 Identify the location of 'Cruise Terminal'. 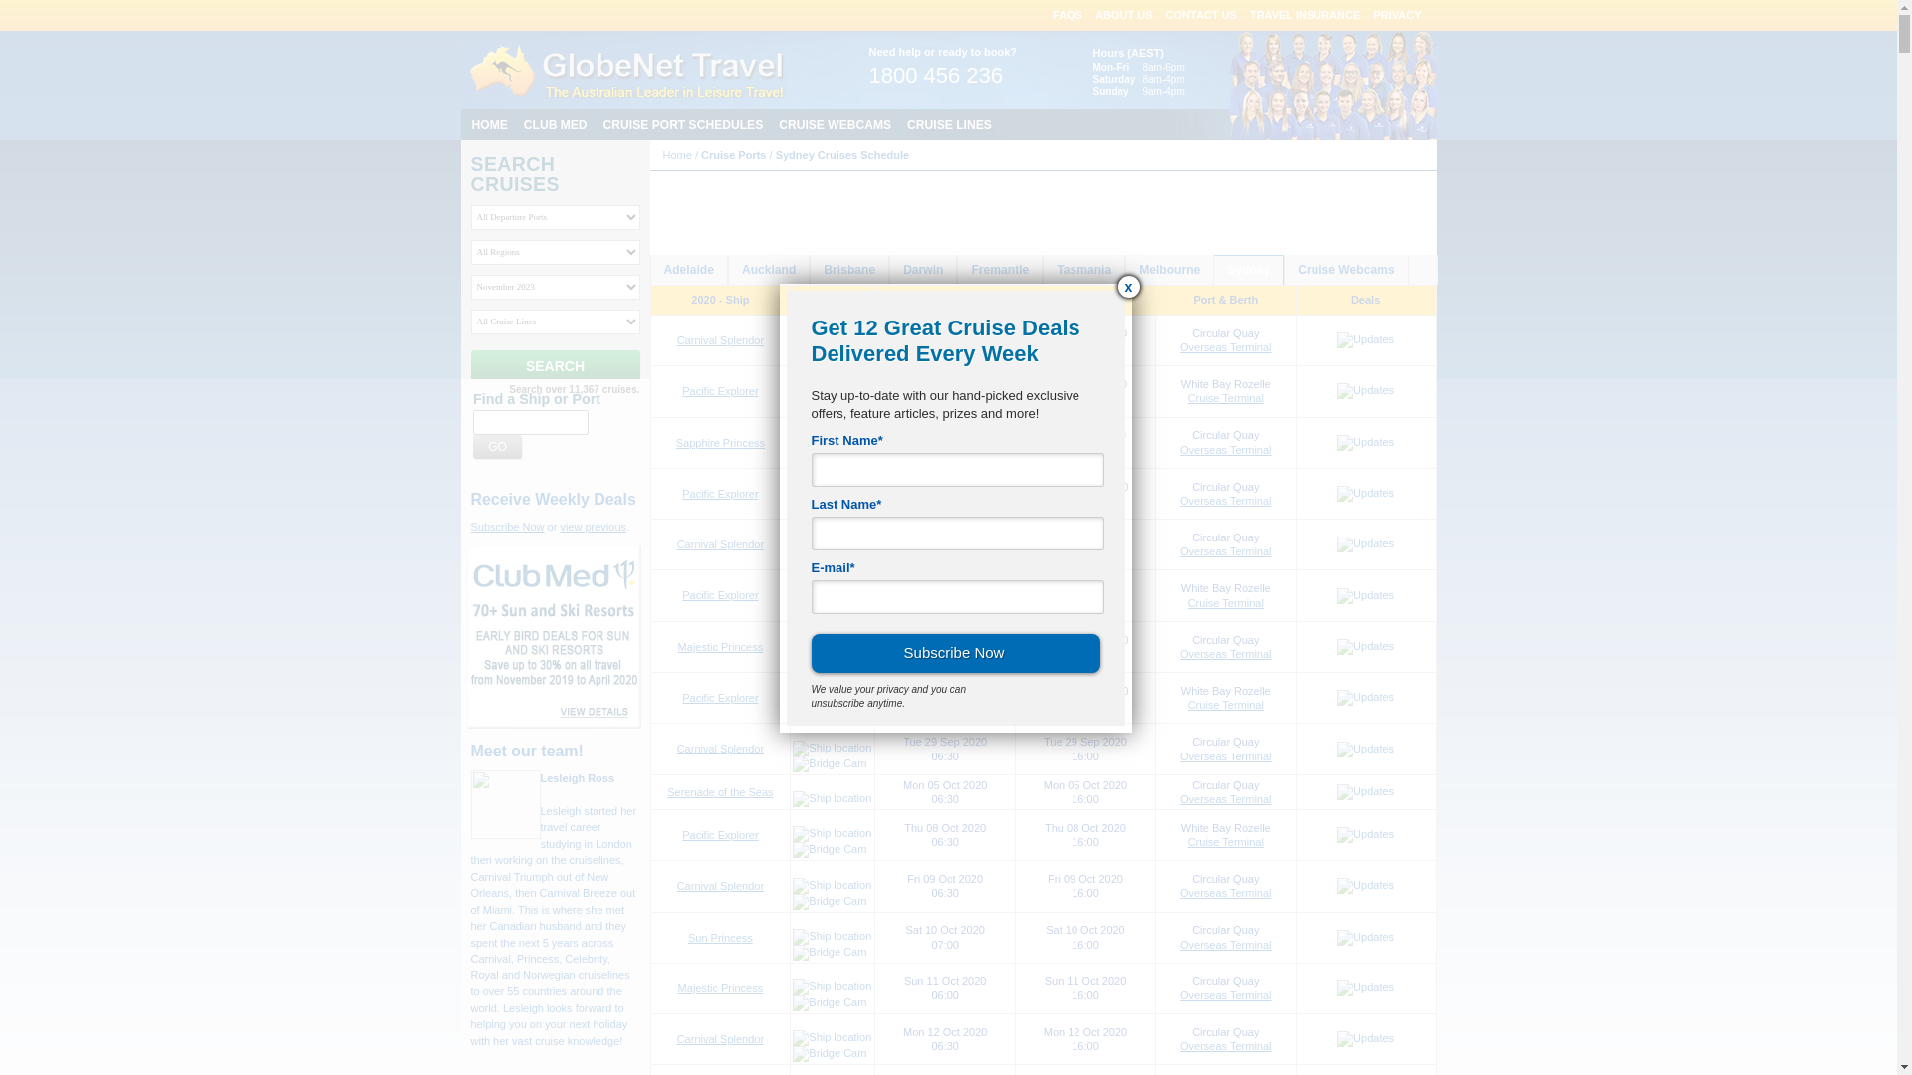
(1188, 704).